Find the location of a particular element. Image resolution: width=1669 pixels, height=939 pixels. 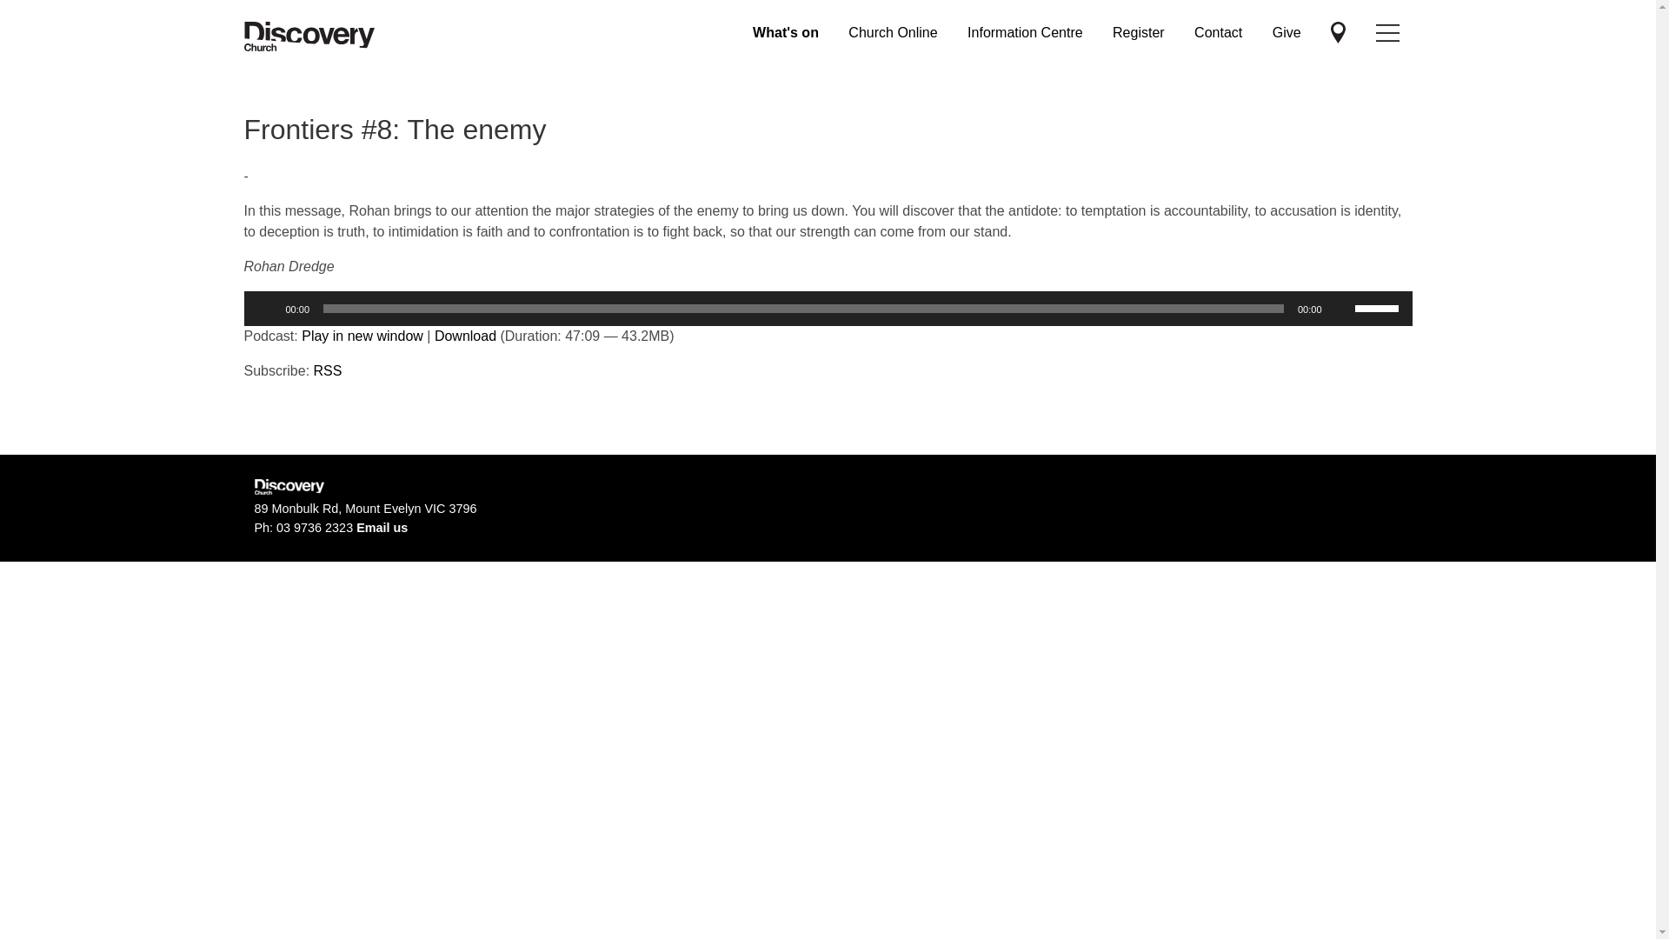

'What's on' is located at coordinates (784, 32).